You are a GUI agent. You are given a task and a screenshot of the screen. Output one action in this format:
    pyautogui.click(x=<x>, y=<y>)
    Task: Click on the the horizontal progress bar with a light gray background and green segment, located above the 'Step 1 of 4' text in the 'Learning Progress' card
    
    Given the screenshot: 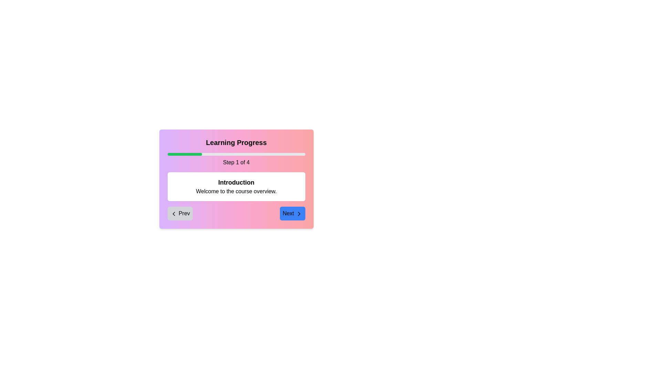 What is the action you would take?
    pyautogui.click(x=236, y=154)
    